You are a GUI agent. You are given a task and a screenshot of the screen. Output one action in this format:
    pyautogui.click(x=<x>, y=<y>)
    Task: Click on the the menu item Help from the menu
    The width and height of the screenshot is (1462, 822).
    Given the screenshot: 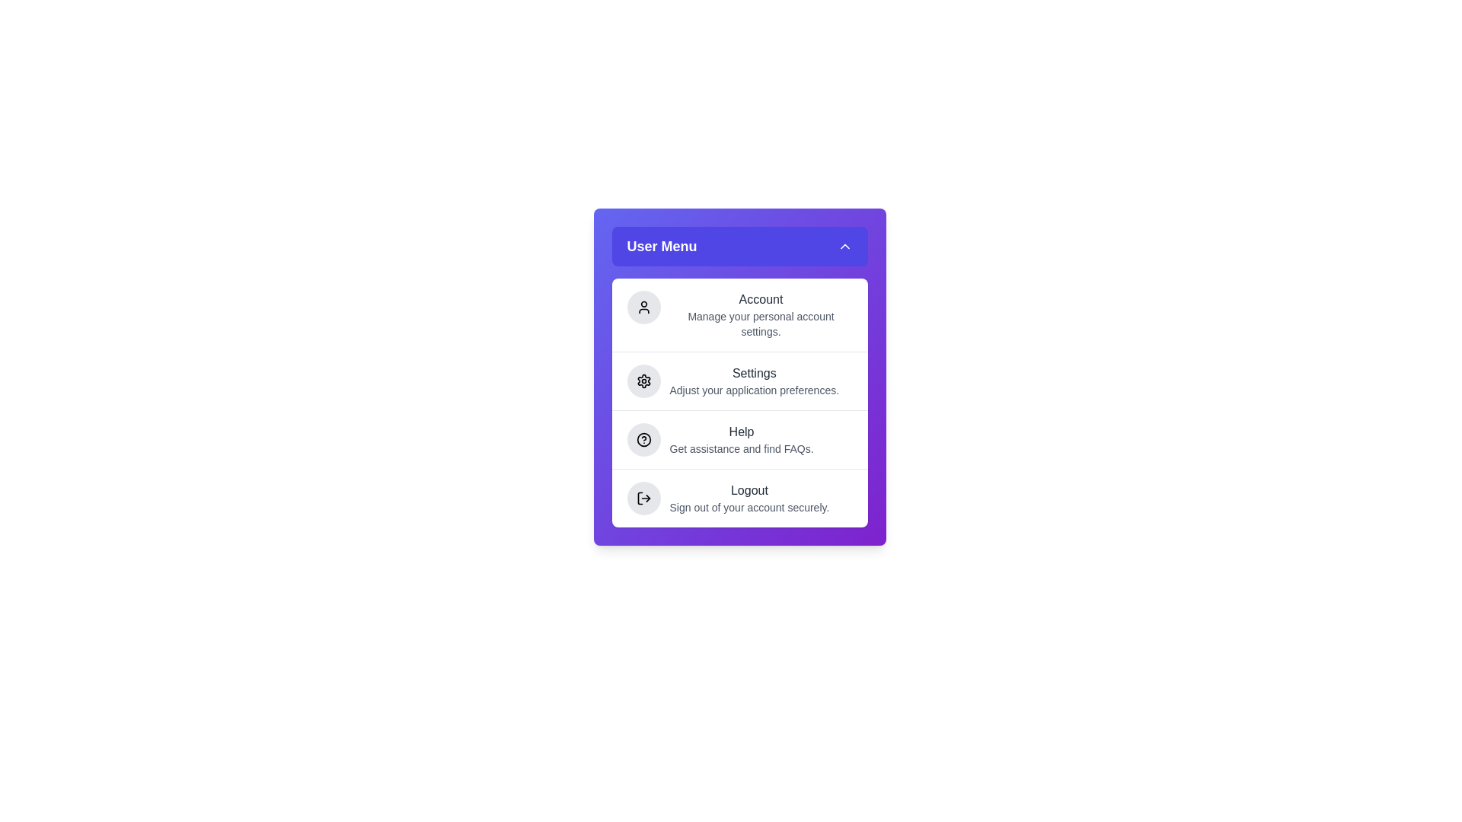 What is the action you would take?
    pyautogui.click(x=739, y=439)
    